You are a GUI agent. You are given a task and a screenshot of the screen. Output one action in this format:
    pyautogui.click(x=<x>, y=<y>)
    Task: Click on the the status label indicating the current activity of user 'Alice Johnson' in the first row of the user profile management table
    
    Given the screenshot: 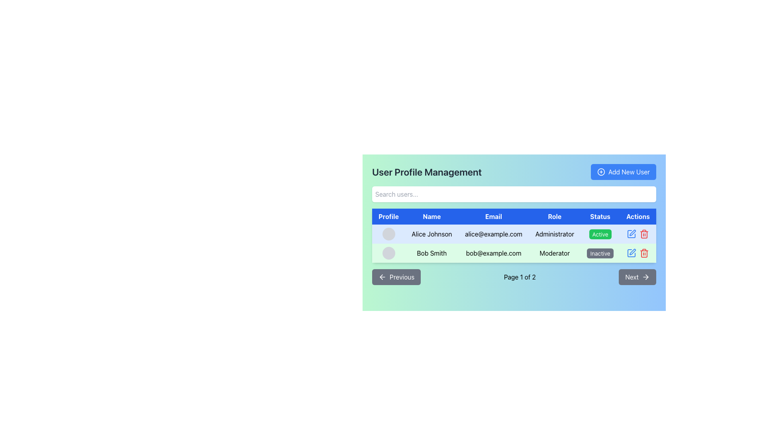 What is the action you would take?
    pyautogui.click(x=600, y=234)
    